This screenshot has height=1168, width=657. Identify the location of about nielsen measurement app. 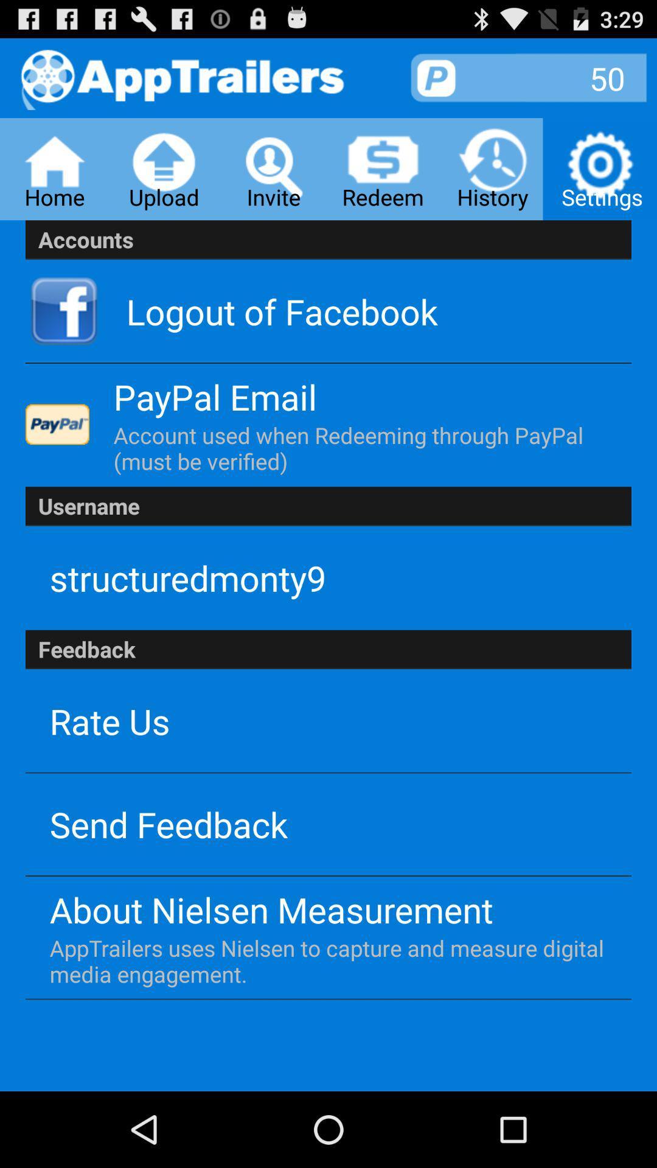
(271, 909).